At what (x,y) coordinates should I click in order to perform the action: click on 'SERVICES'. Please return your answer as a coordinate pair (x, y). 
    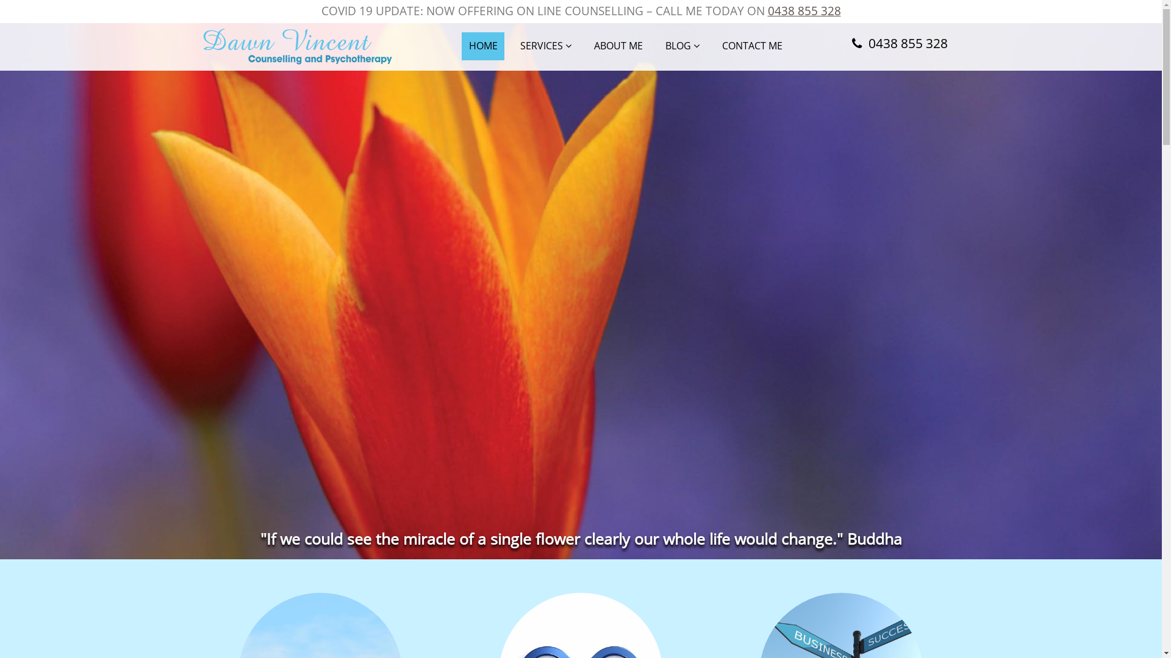
    Looking at the image, I should click on (512, 46).